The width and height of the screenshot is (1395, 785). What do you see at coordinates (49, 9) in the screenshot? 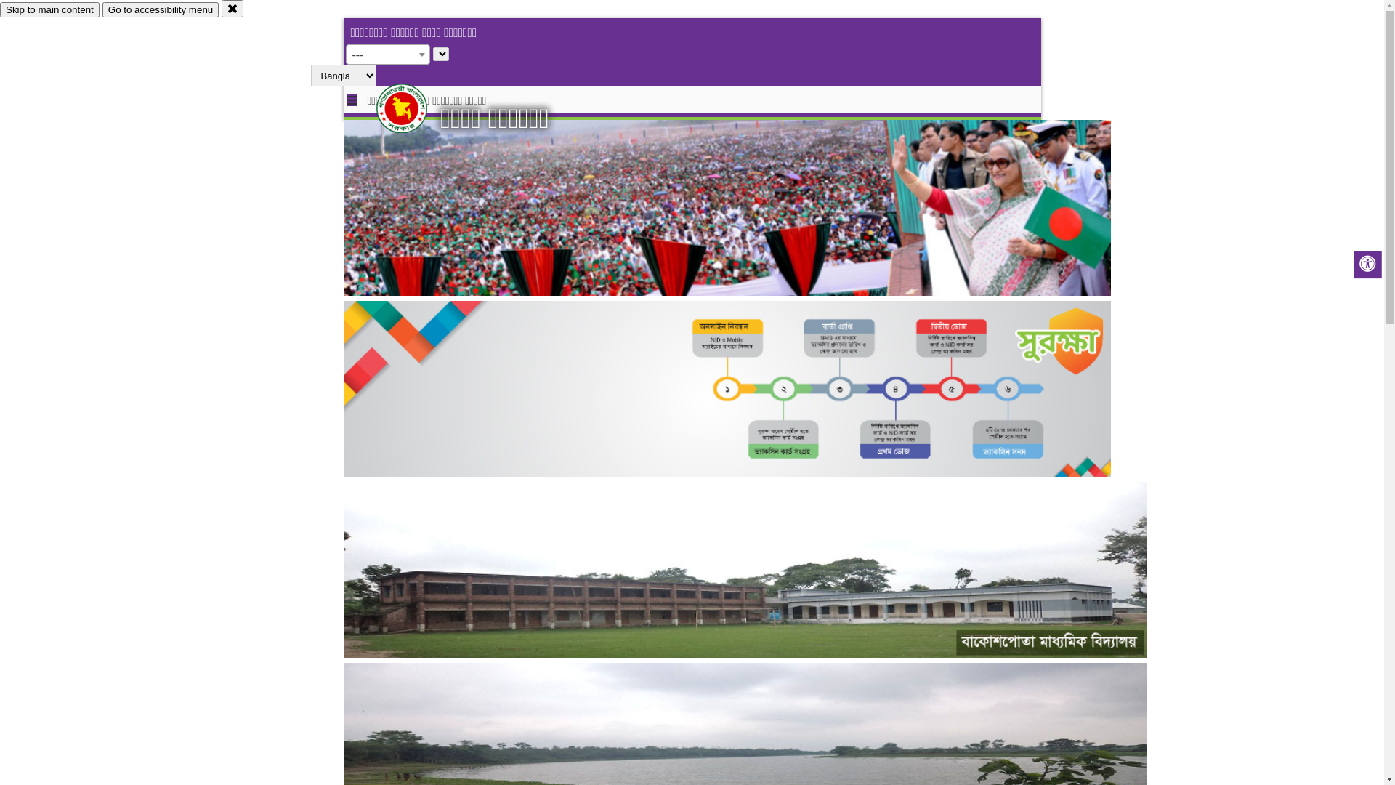
I see `'Skip to main content'` at bounding box center [49, 9].